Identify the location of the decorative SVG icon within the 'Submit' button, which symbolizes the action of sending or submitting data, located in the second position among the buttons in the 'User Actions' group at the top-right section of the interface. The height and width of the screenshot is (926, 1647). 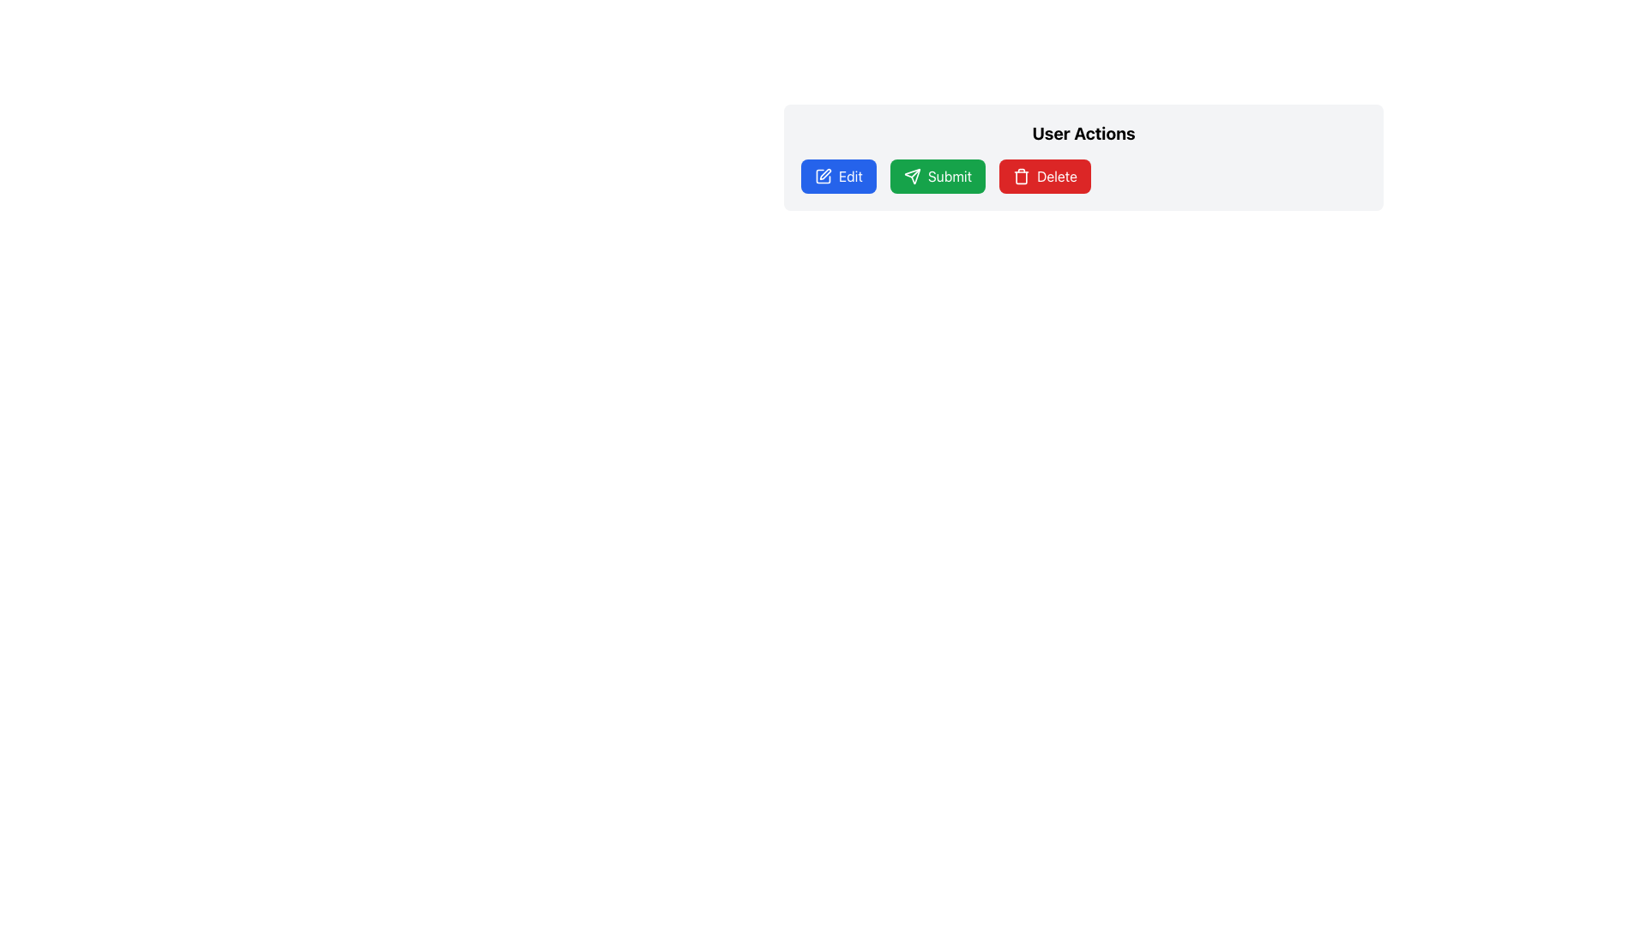
(911, 176).